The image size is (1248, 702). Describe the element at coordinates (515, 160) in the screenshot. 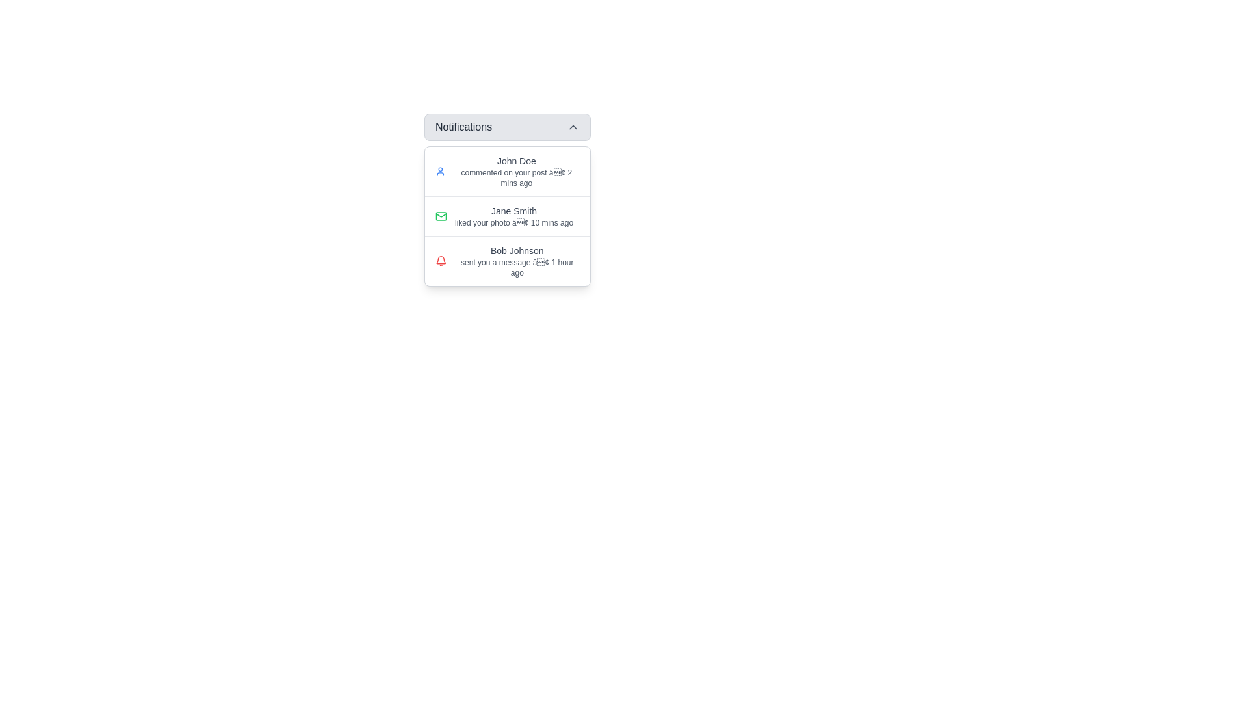

I see `the text label displaying 'John Doe' in the notification dropdown, which is the first line of the notification message` at that location.